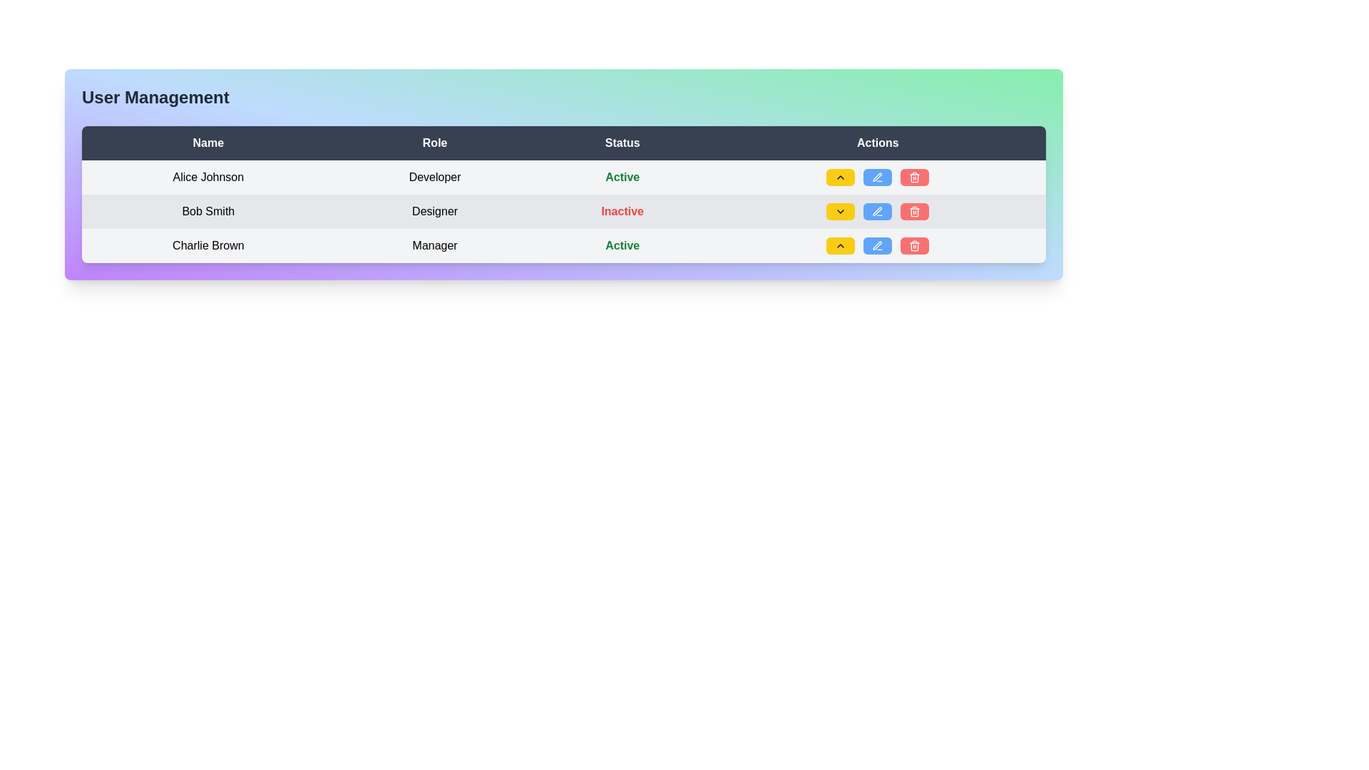 Image resolution: width=1369 pixels, height=770 pixels. I want to click on the Text Label displaying 'Alice Johnson' in the first row of the table under the 'Name' column, so click(207, 177).